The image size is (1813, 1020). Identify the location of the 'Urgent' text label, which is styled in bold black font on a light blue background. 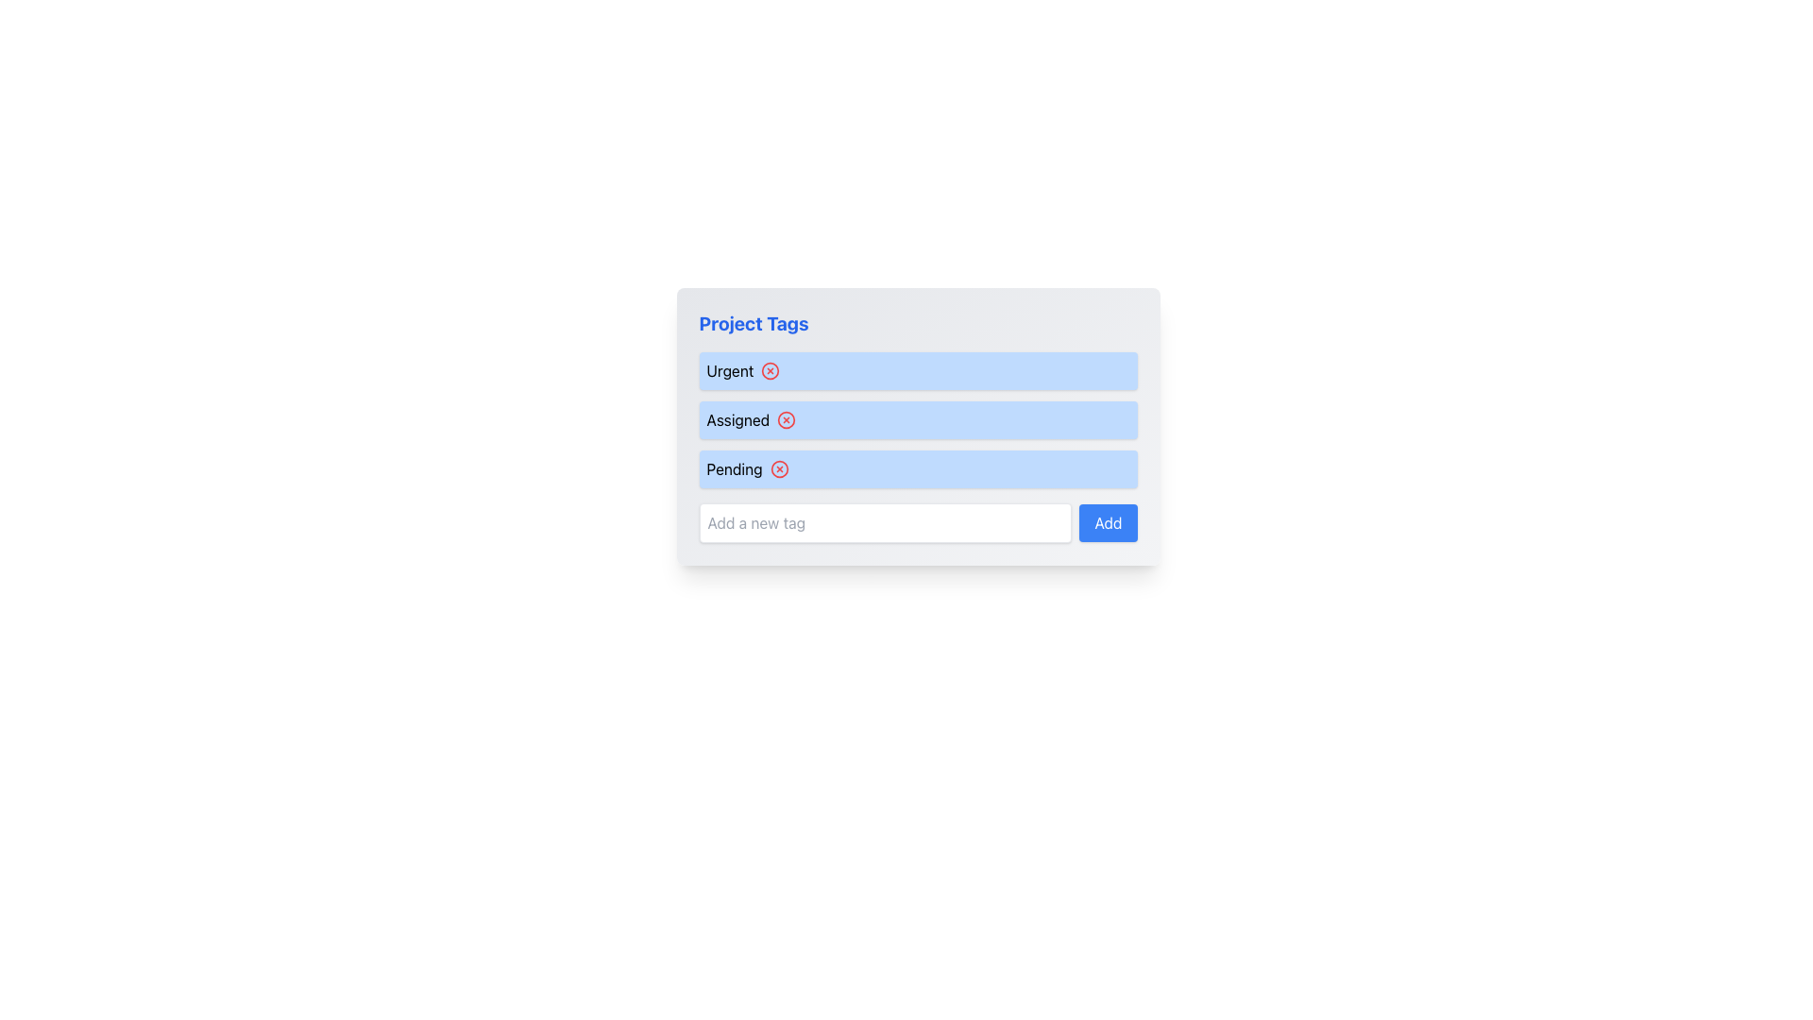
(729, 371).